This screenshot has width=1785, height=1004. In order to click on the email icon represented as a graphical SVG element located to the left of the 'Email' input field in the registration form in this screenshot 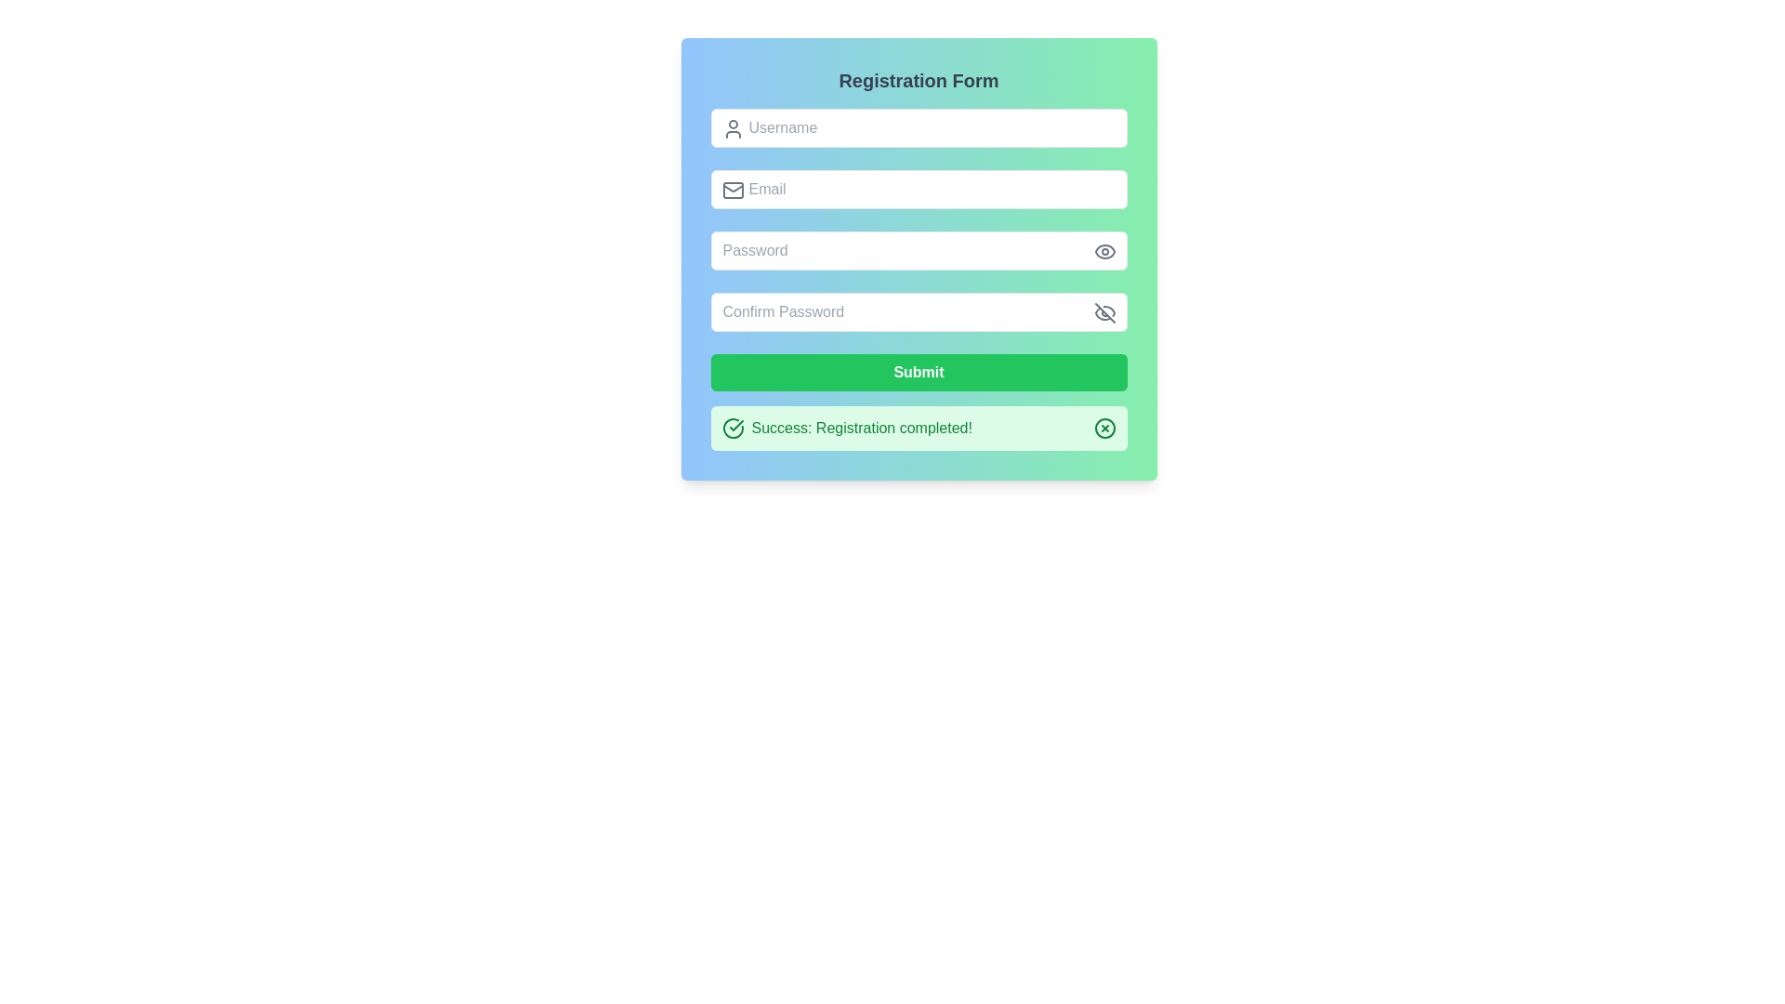, I will do `click(732, 190)`.